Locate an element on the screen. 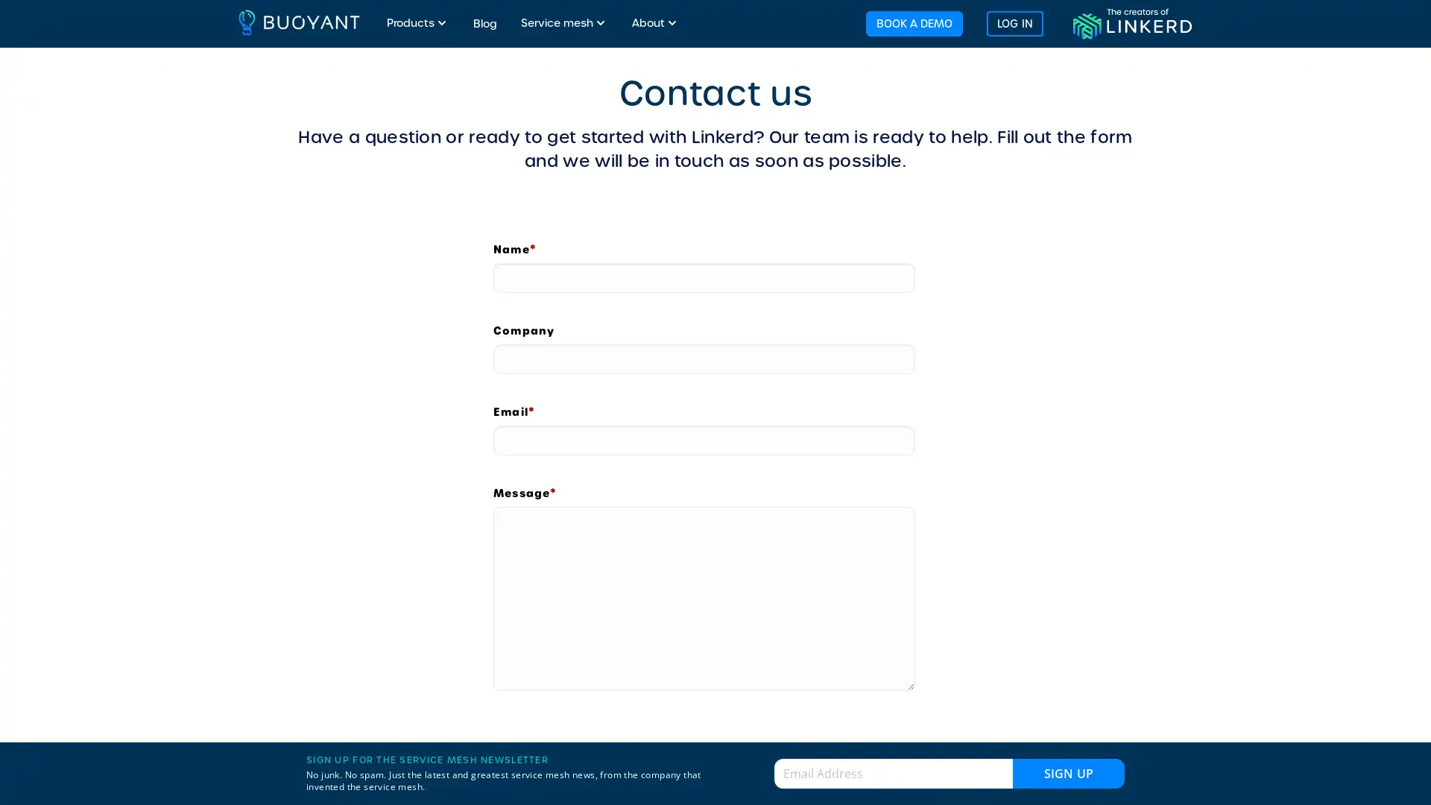 The image size is (1431, 805). BOOK A DEMO is located at coordinates (912, 22).